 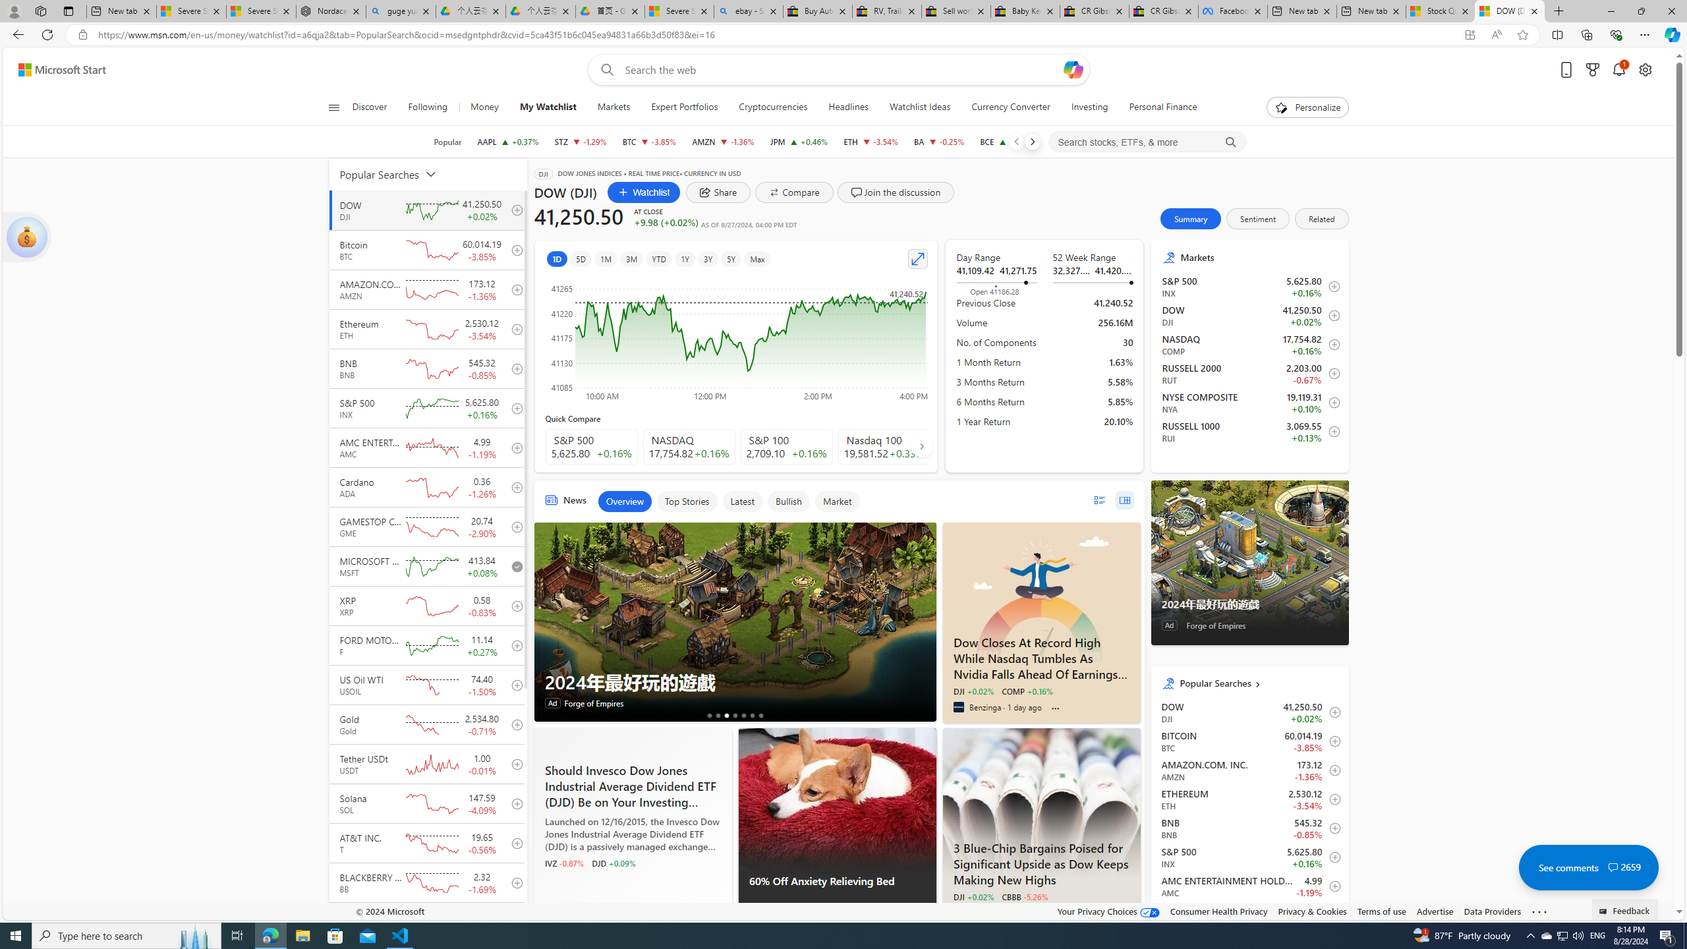 I want to click on 'share dialog', so click(x=718, y=192).